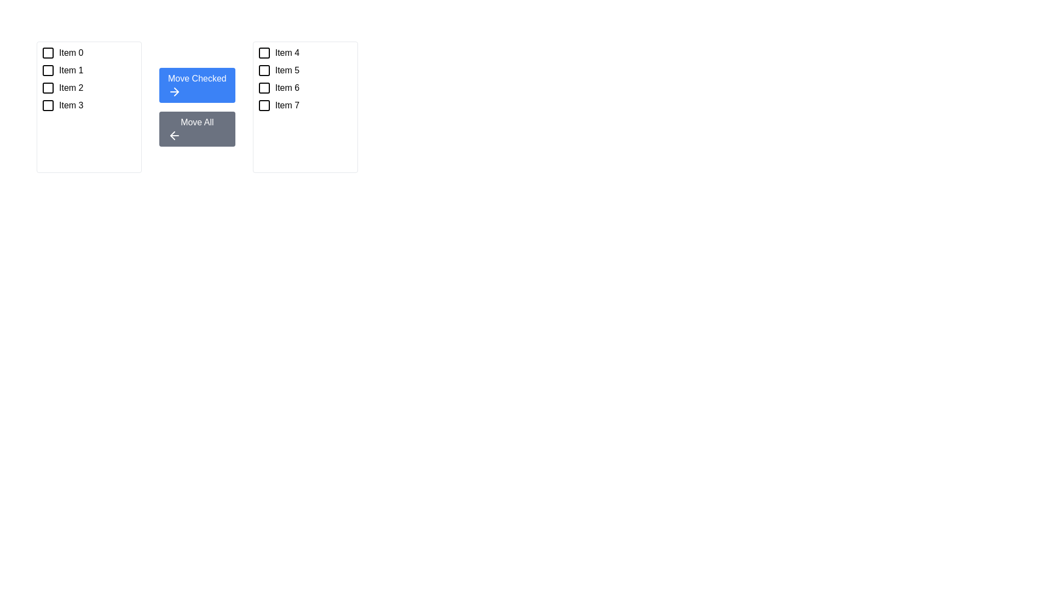 This screenshot has width=1051, height=591. What do you see at coordinates (264, 105) in the screenshot?
I see `the checkbox for 'Item 7', which is positioned in the far-right column, fourth in the list below the header` at bounding box center [264, 105].